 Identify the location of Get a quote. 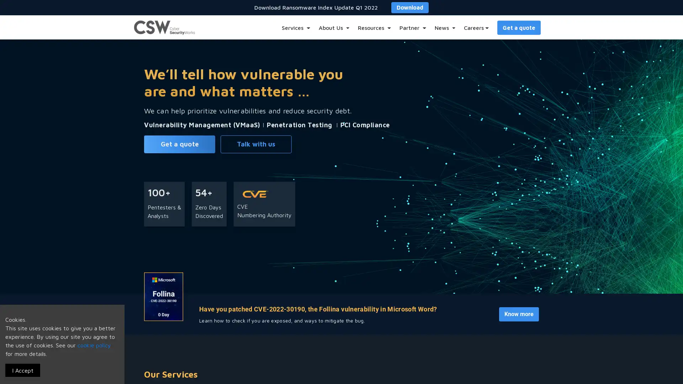
(519, 27).